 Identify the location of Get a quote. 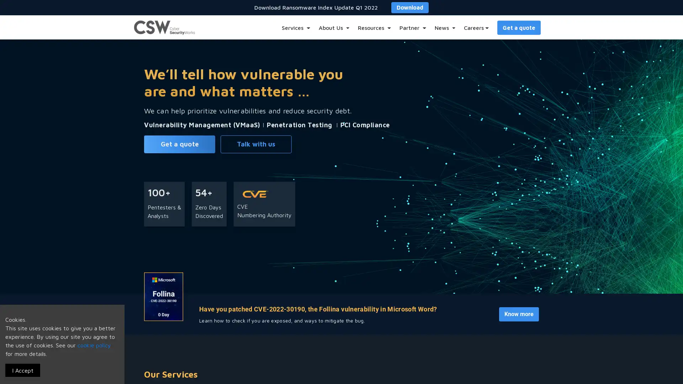
(519, 27).